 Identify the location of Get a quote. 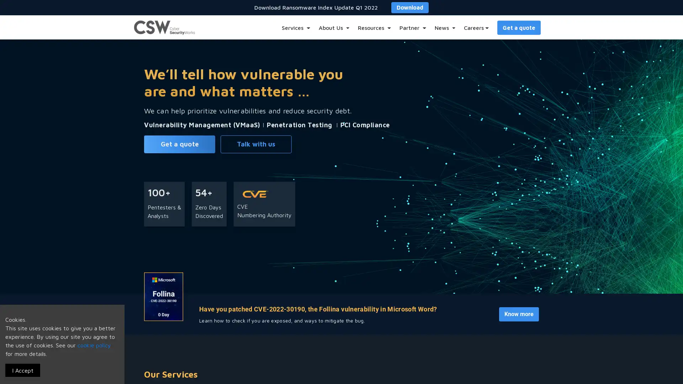
(519, 27).